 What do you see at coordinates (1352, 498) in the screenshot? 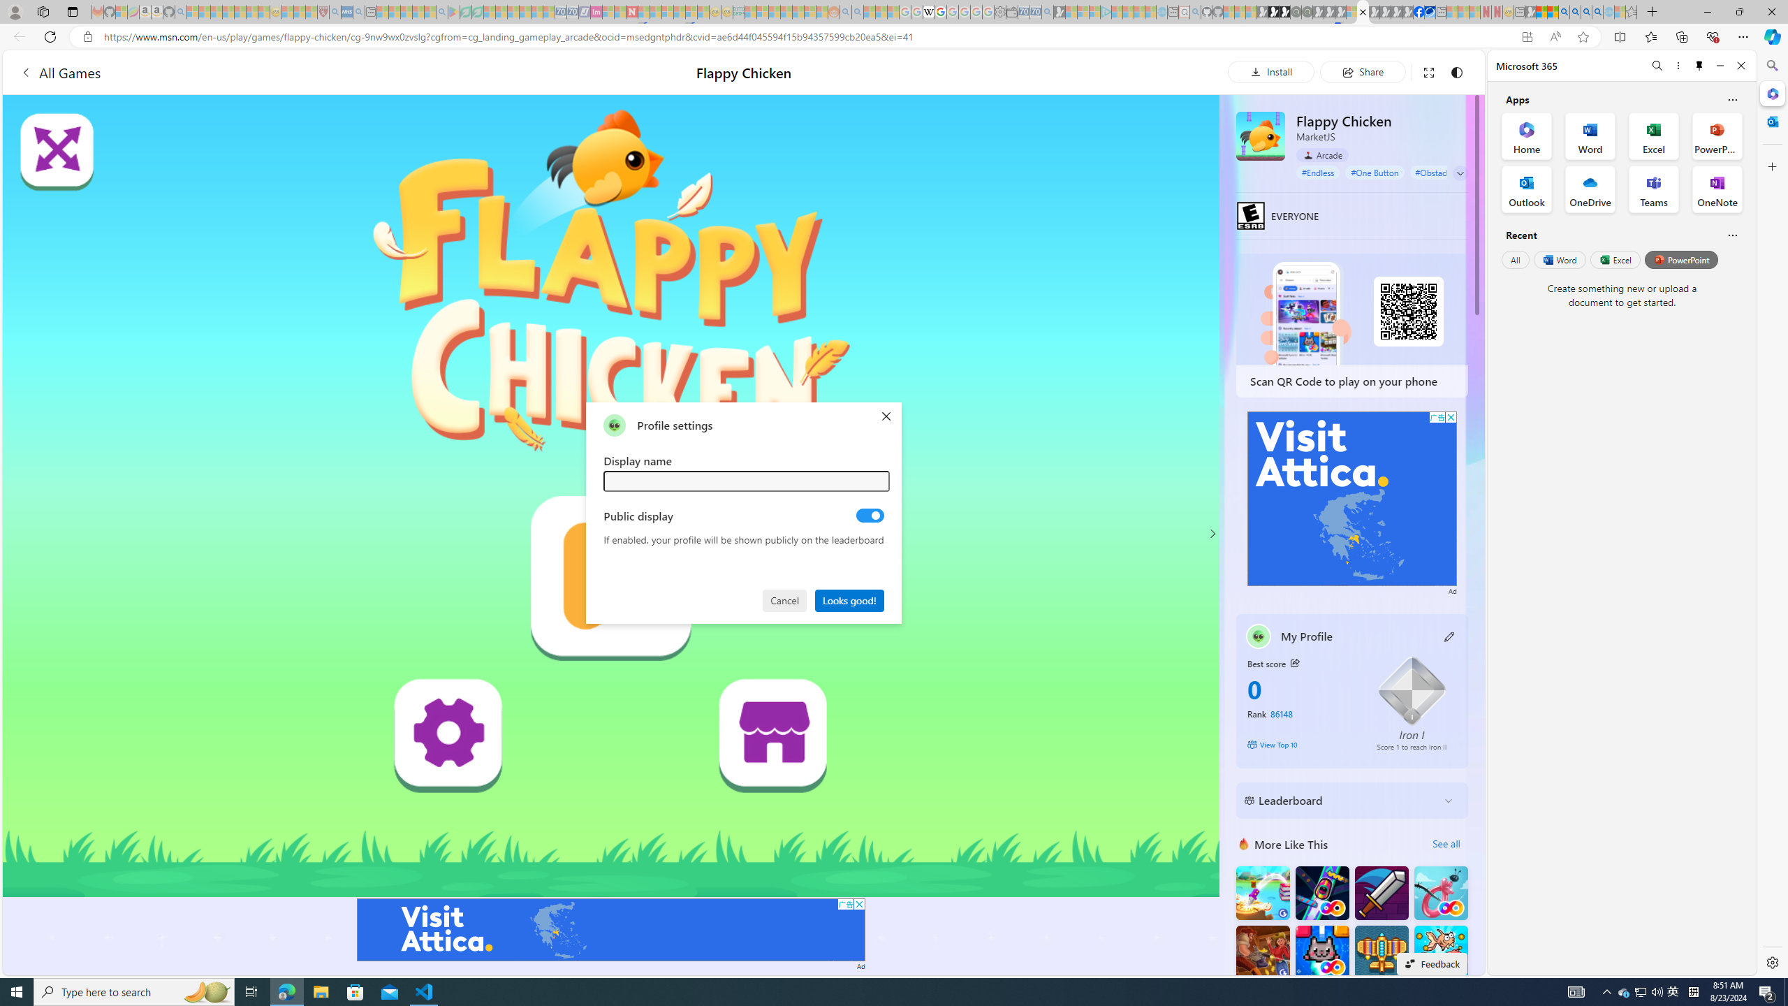
I see `'Advertisement'` at bounding box center [1352, 498].